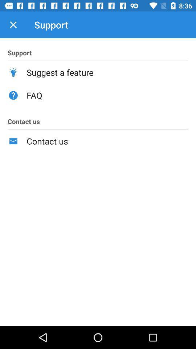  What do you see at coordinates (107, 72) in the screenshot?
I see `icon above faq` at bounding box center [107, 72].